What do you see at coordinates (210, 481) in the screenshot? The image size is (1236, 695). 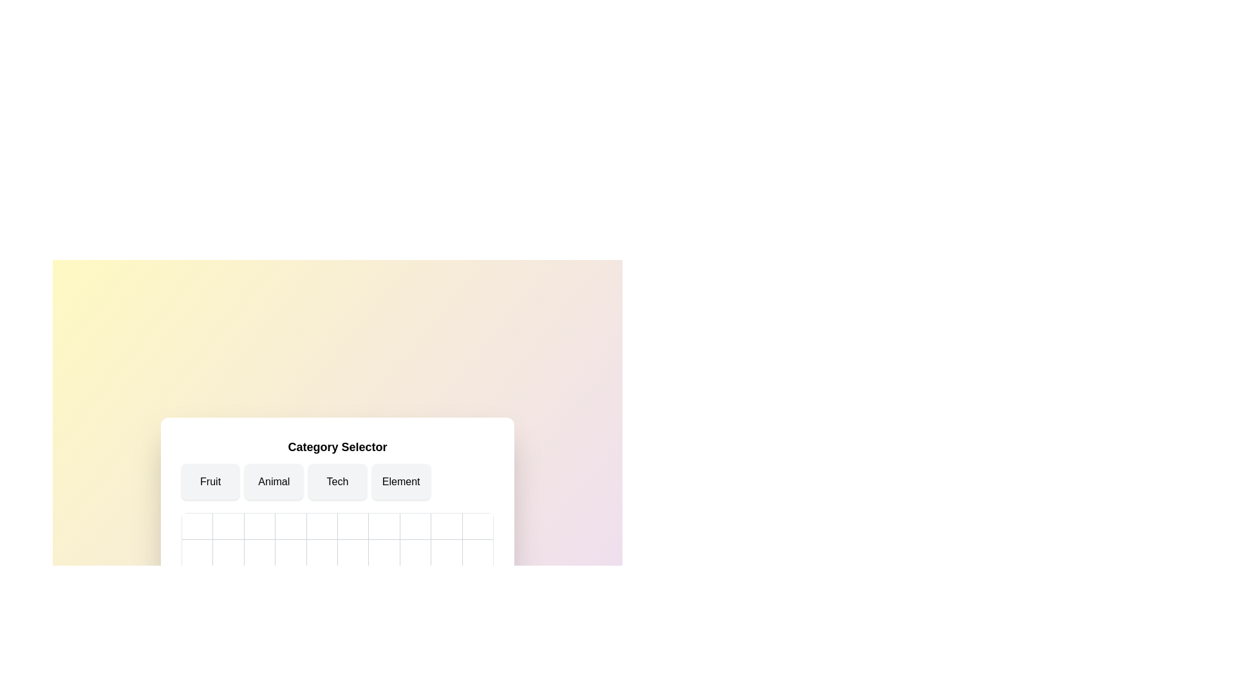 I see `the category Fruit to highlight it` at bounding box center [210, 481].